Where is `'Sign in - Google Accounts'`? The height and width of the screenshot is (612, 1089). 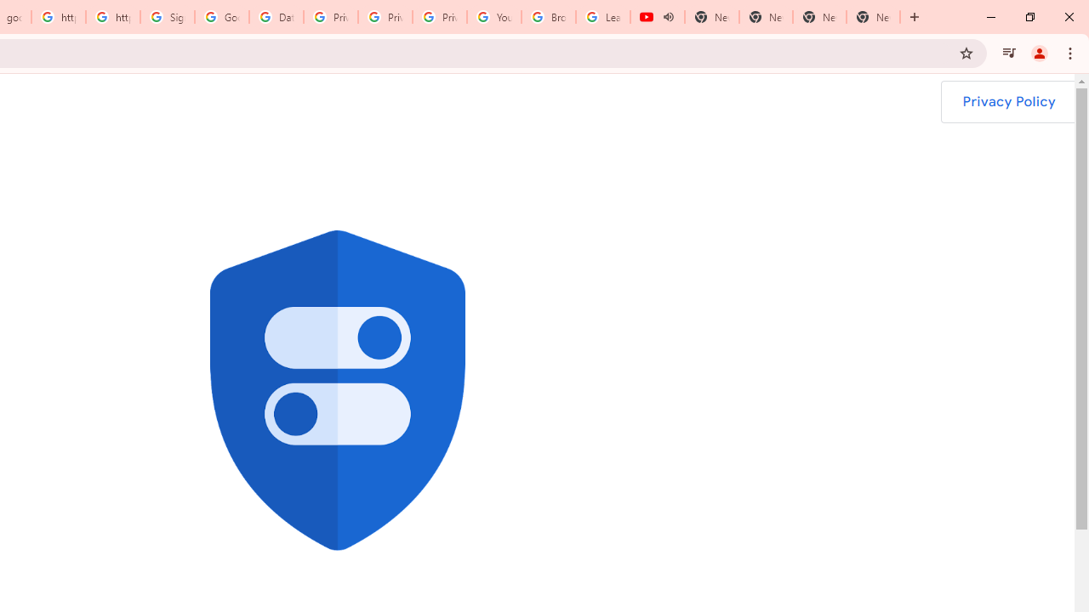
'Sign in - Google Accounts' is located at coordinates (168, 17).